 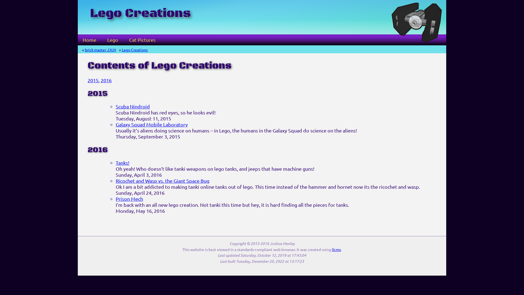 What do you see at coordinates (89, 39) in the screenshot?
I see `'Home'` at bounding box center [89, 39].